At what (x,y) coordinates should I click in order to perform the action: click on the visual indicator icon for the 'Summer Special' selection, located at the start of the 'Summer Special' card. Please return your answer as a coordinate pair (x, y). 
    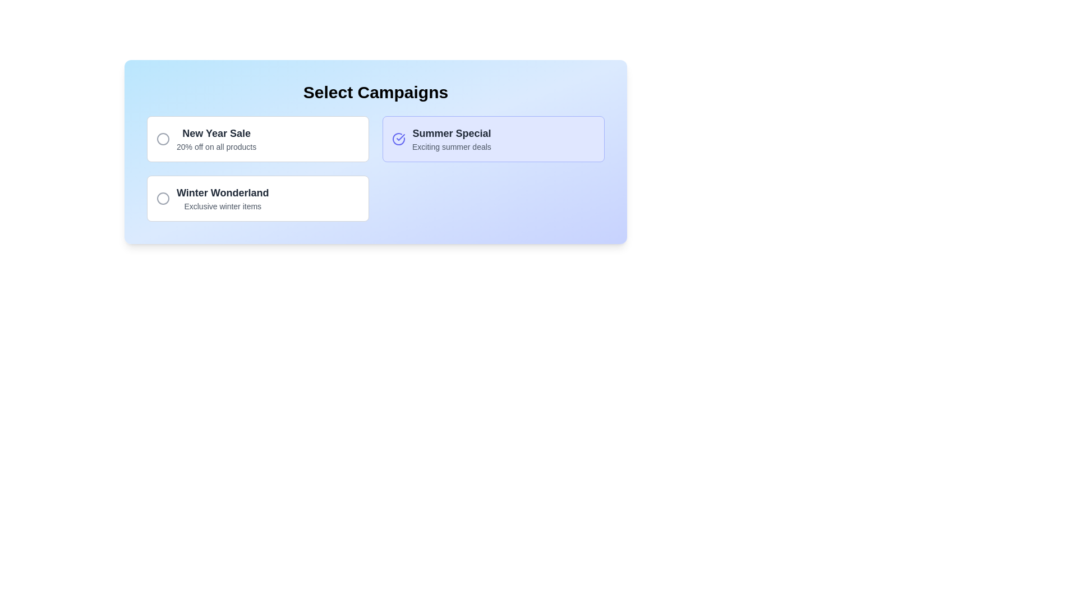
    Looking at the image, I should click on (398, 138).